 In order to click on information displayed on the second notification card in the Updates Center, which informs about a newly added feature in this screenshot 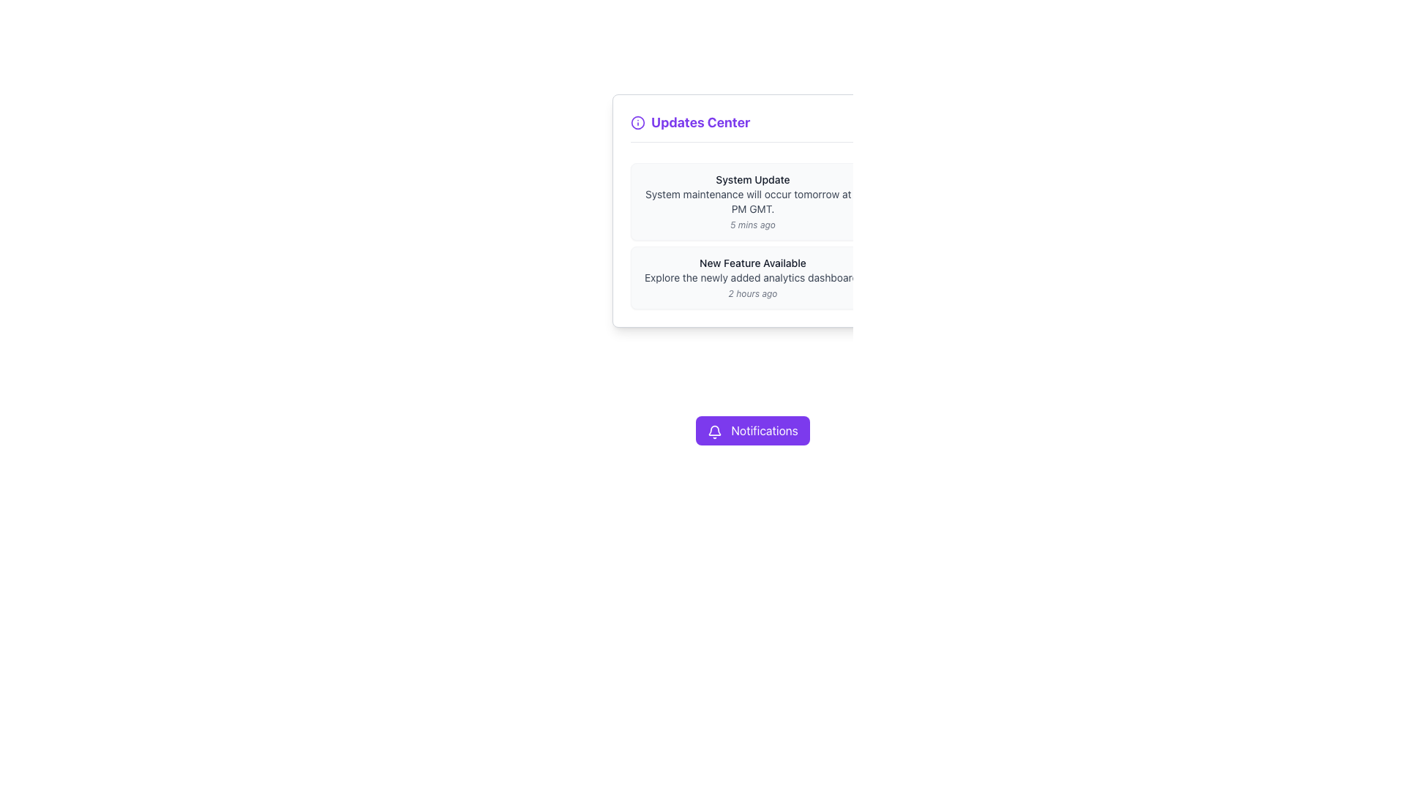, I will do `click(752, 278)`.